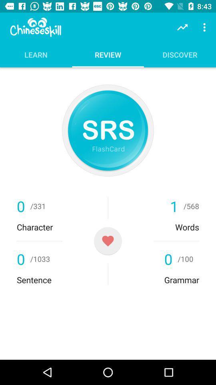 The height and width of the screenshot is (385, 216). I want to click on start flash card review, so click(108, 130).